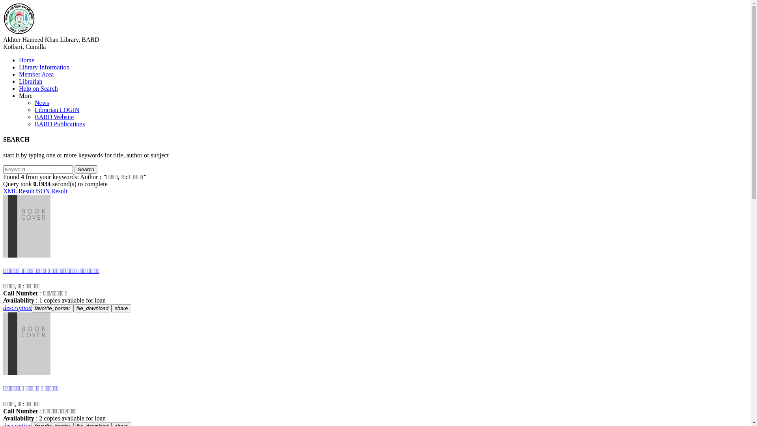 The height and width of the screenshot is (426, 757). Describe the element at coordinates (41, 102) in the screenshot. I see `'News'` at that location.